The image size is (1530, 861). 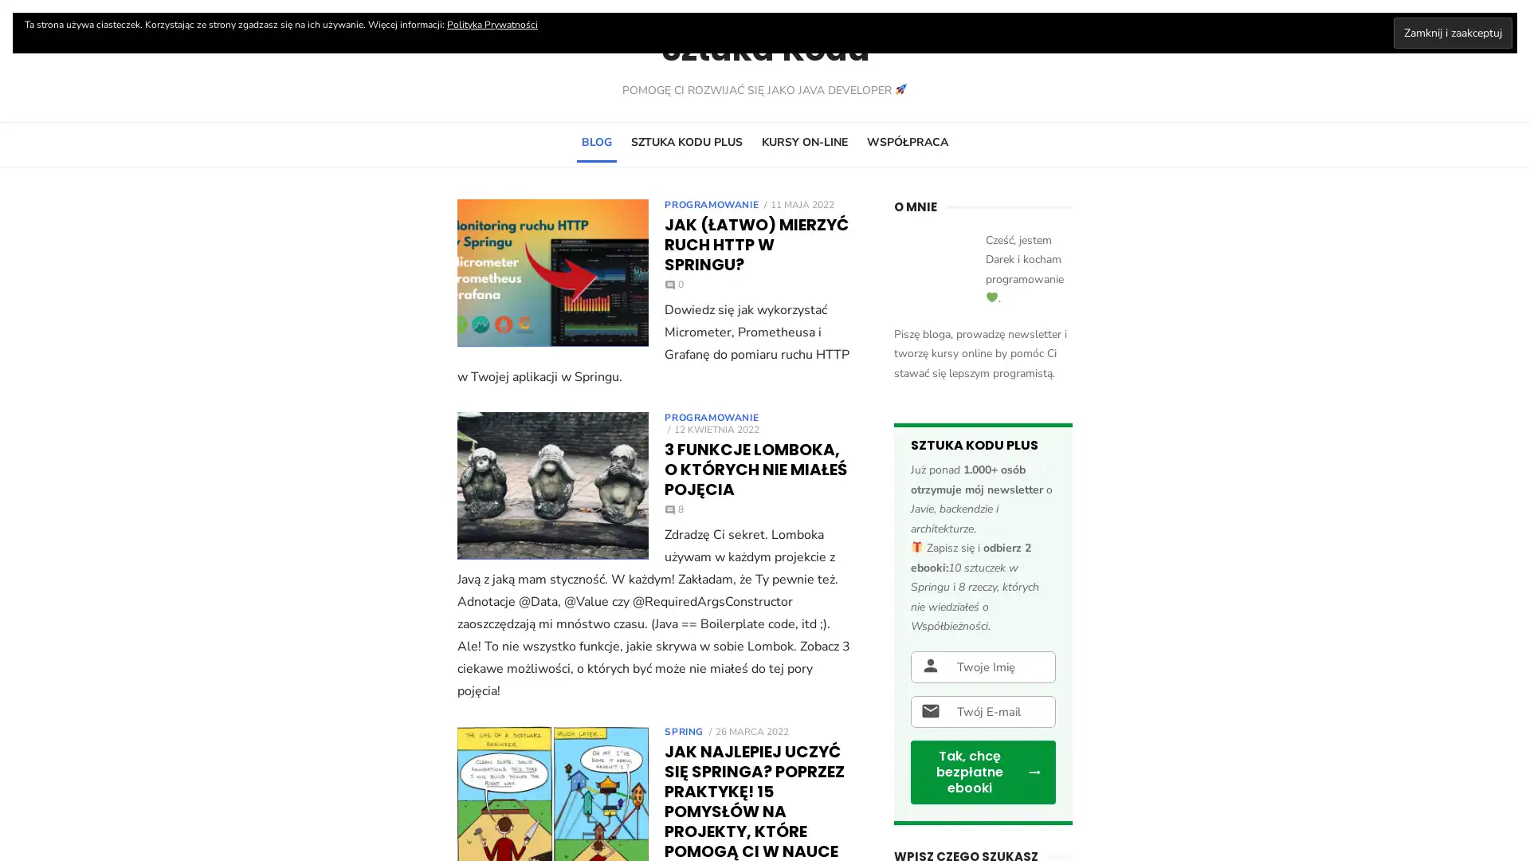 I want to click on SEARCH, so click(x=1207, y=747).